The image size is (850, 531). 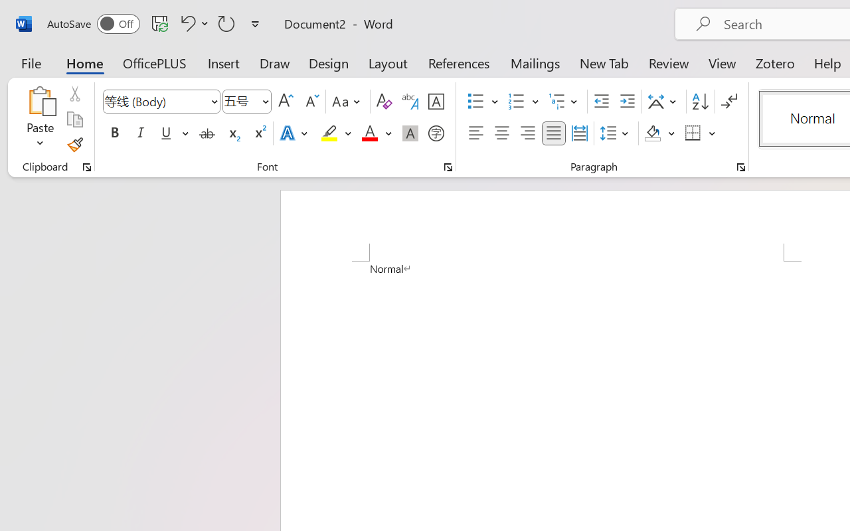 I want to click on 'Shading RGB(0, 0, 0)', so click(x=653, y=133).